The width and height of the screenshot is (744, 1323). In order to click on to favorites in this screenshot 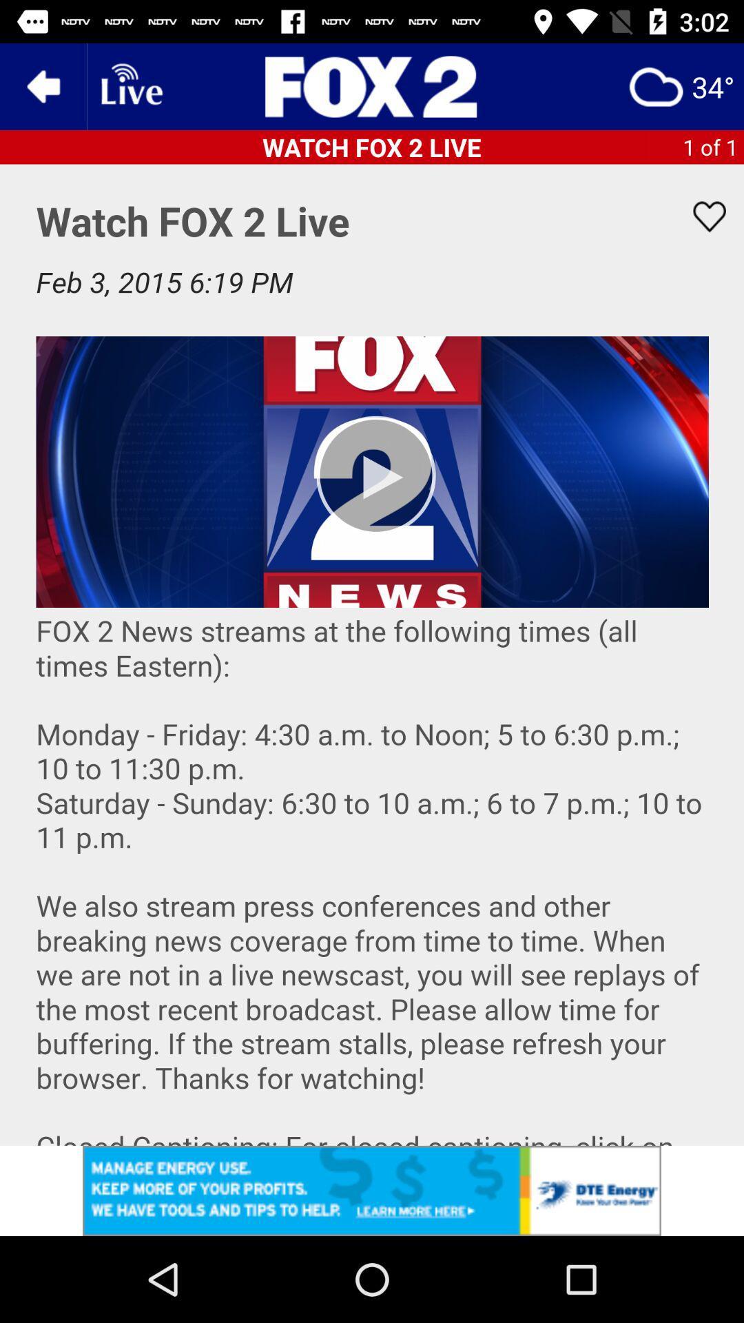, I will do `click(701, 216)`.